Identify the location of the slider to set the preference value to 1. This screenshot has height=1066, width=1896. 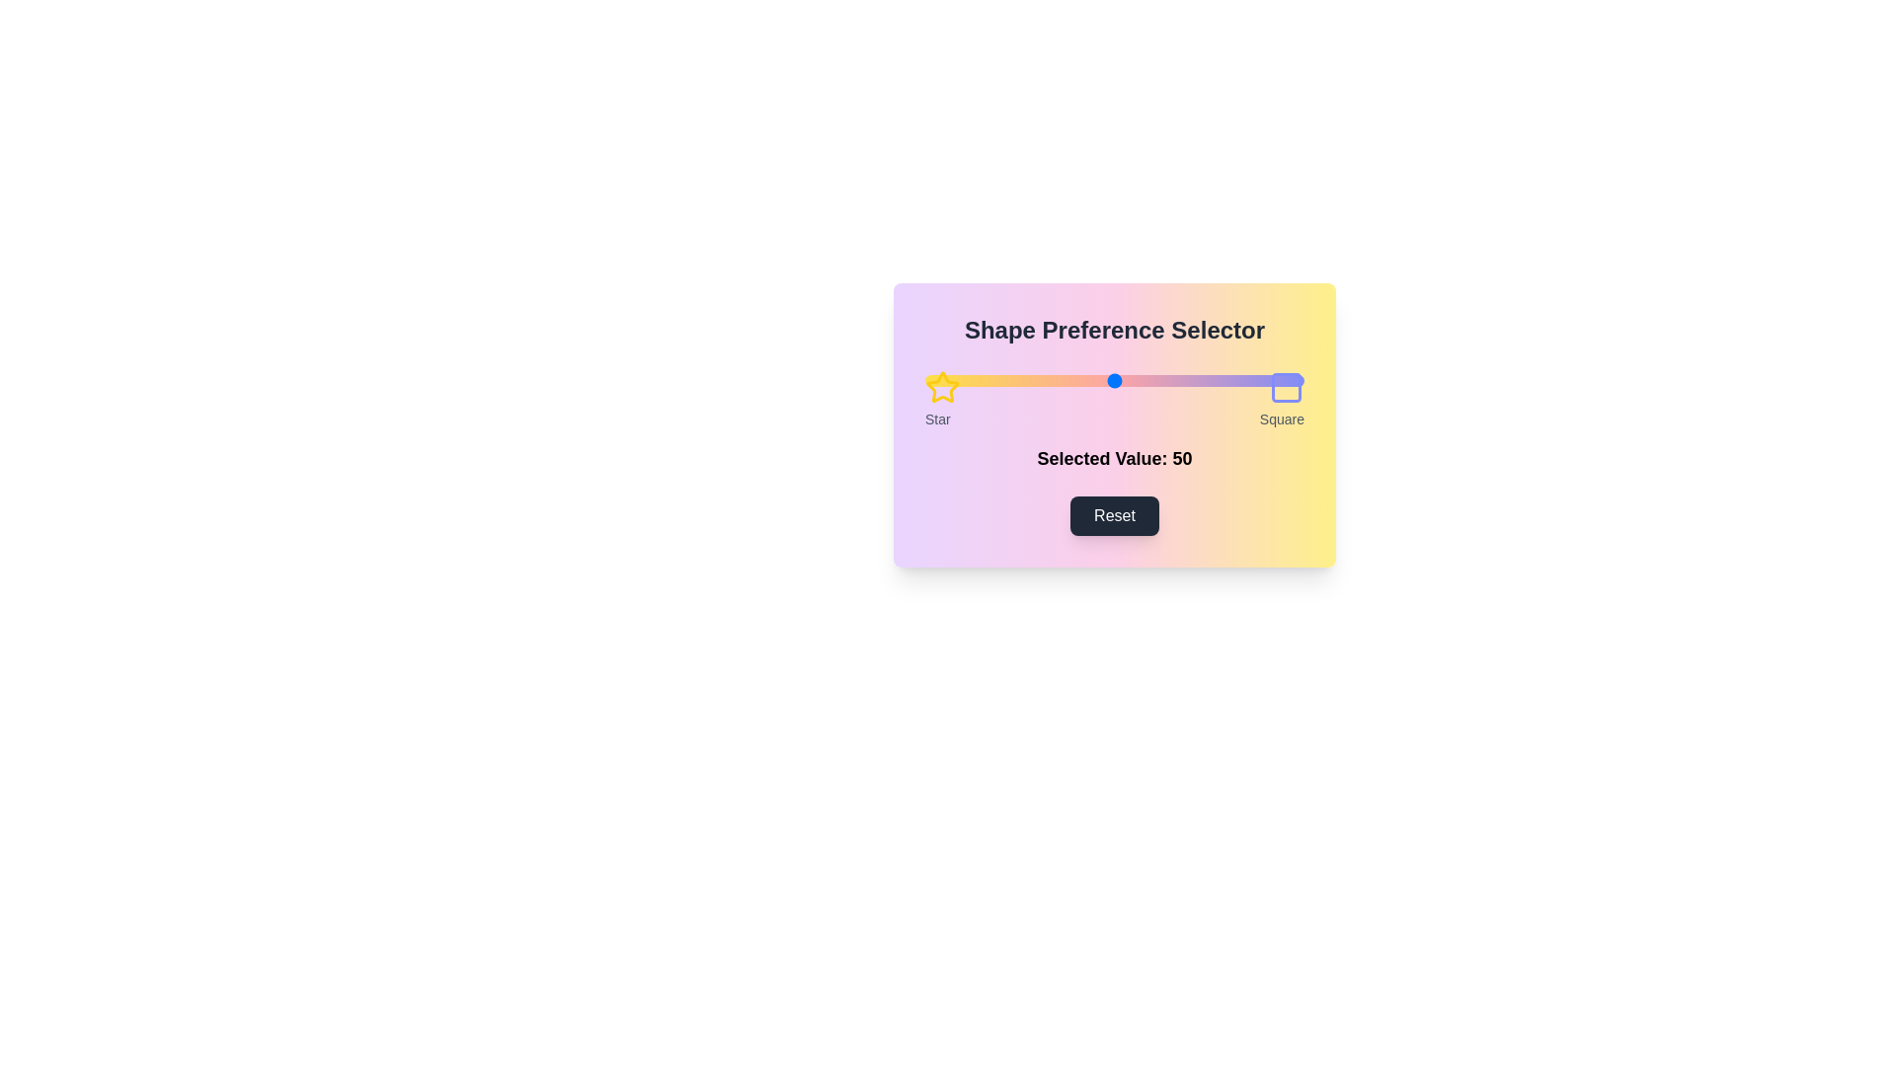
(927, 380).